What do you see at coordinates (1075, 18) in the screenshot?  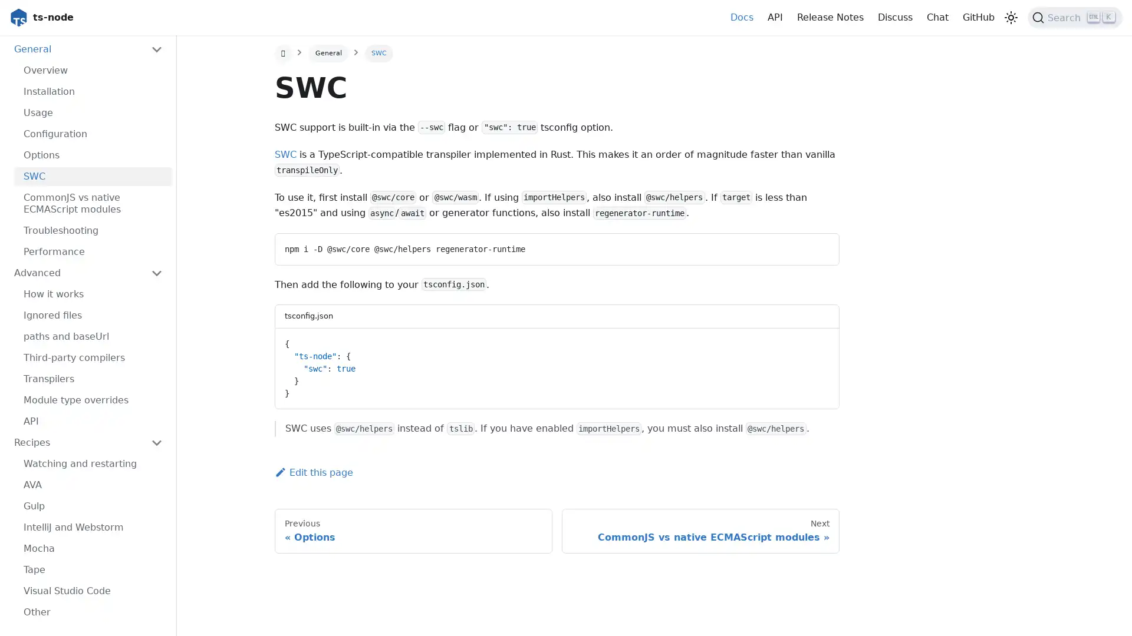 I see `Search` at bounding box center [1075, 18].